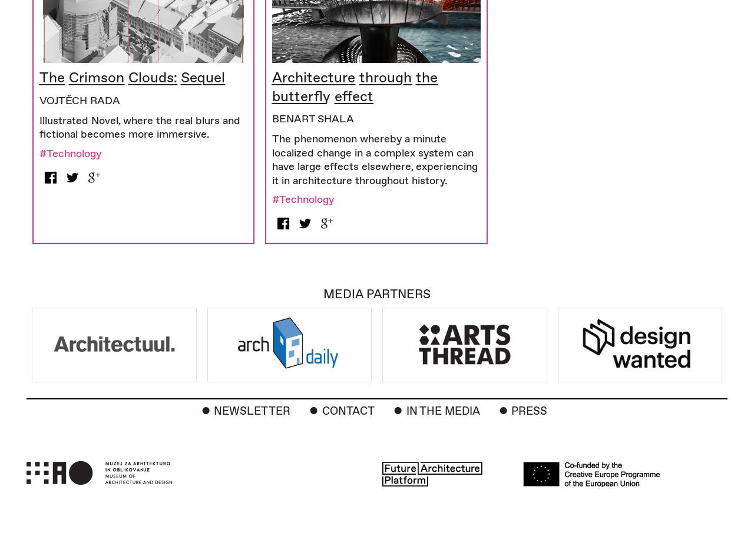 The width and height of the screenshot is (754, 540). What do you see at coordinates (348, 410) in the screenshot?
I see `'Contact'` at bounding box center [348, 410].